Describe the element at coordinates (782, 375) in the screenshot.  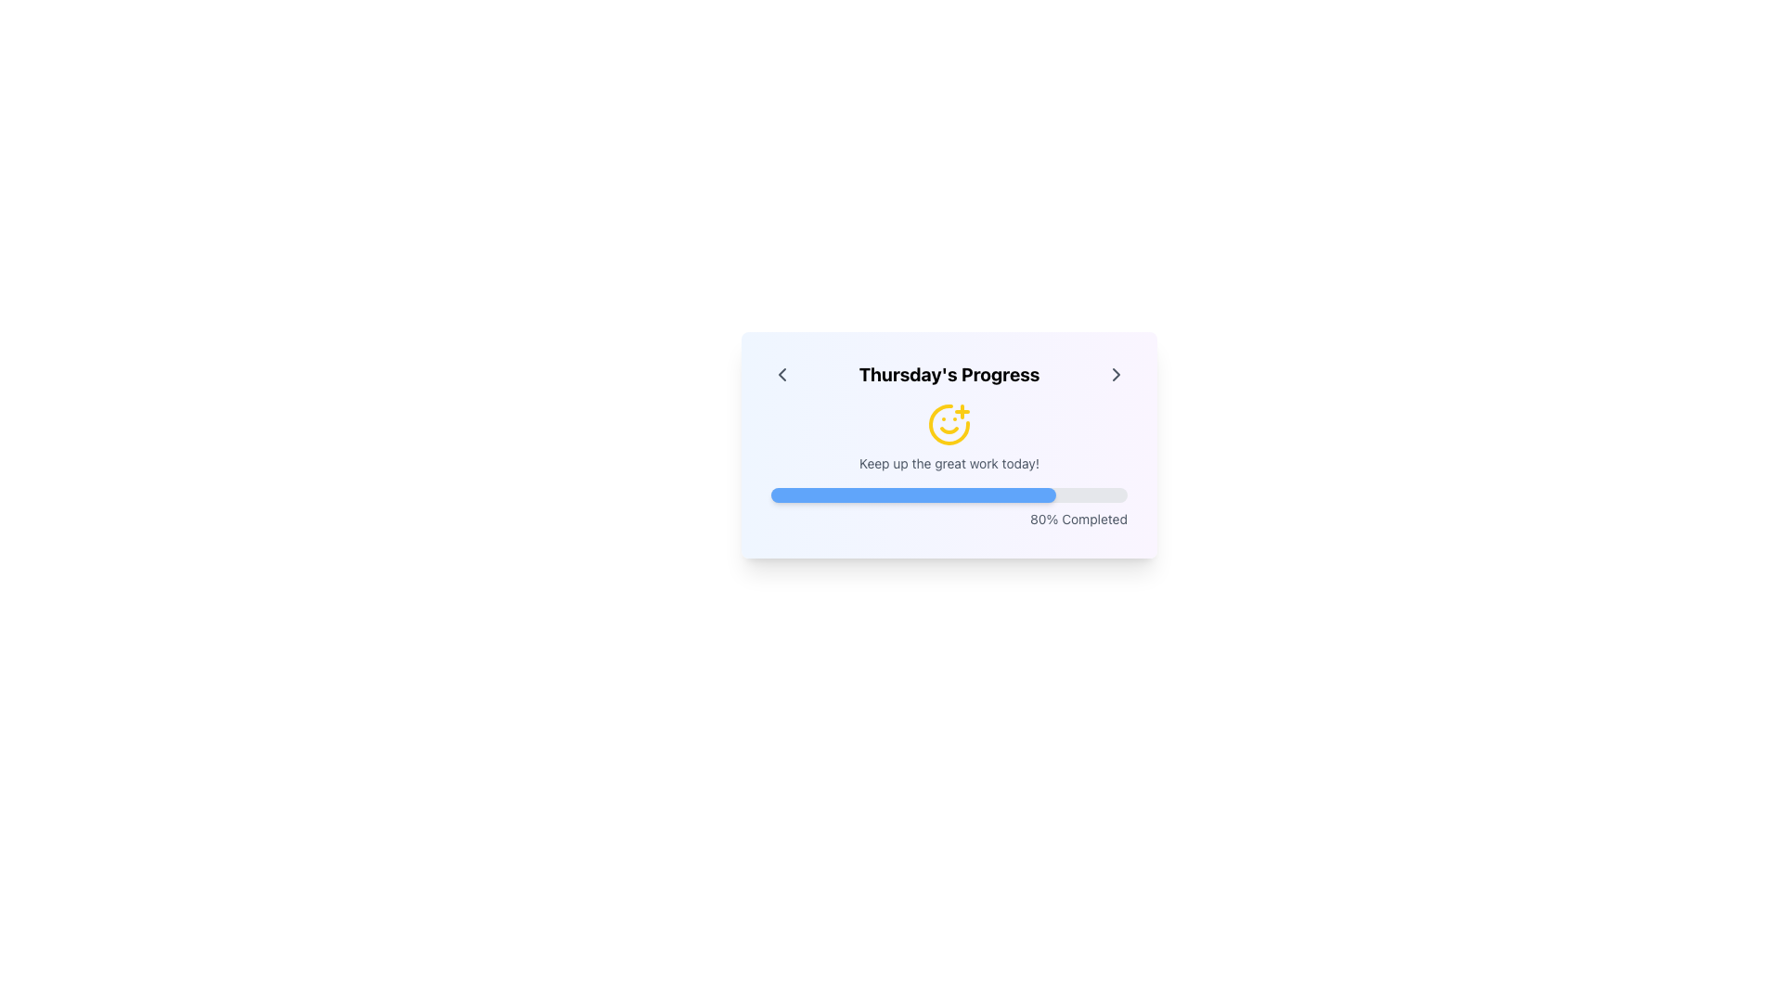
I see `the left-pointing chevron-style back arrow icon located at the left side of the 'Thursday's Progress' heading to initiate navigation` at that location.